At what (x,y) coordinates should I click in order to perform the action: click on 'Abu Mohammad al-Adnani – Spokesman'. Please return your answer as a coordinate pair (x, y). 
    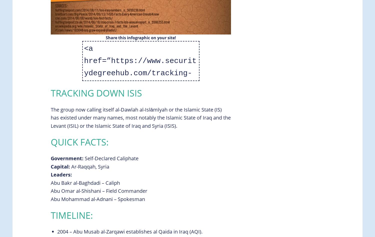
    Looking at the image, I should click on (50, 199).